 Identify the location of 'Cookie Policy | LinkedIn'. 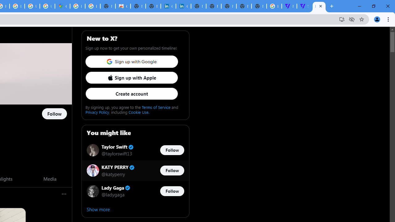
(168, 6).